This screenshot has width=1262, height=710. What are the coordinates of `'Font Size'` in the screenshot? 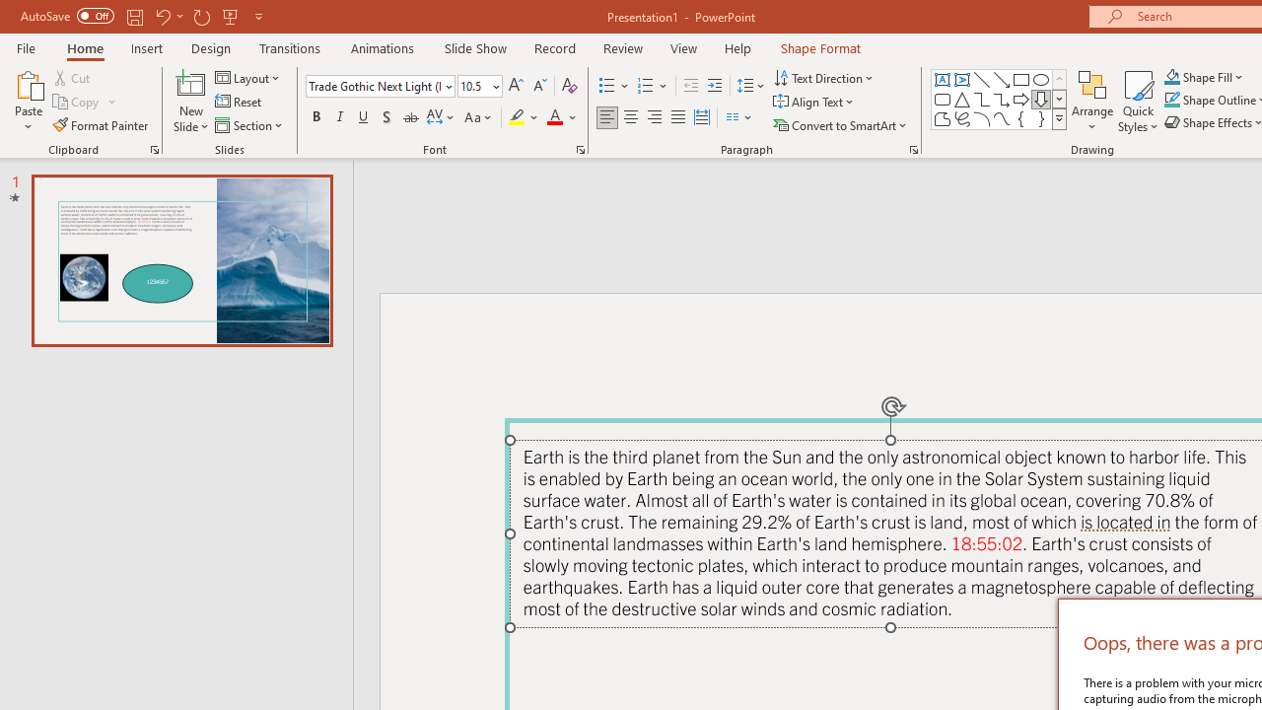 It's located at (479, 85).